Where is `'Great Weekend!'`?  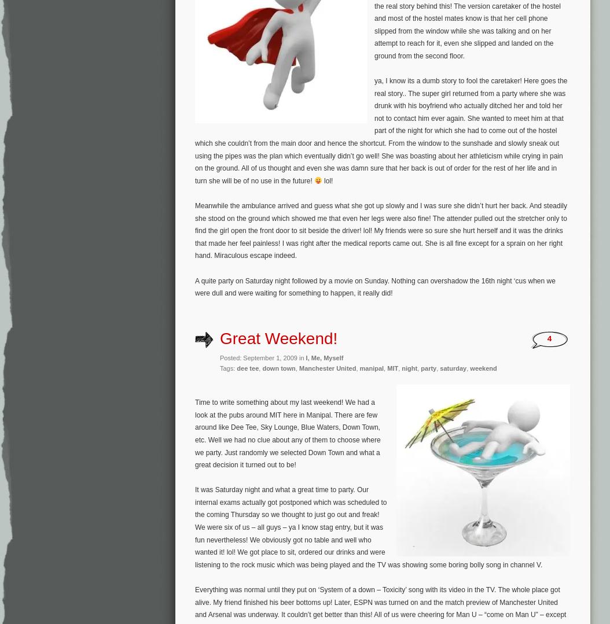 'Great Weekend!' is located at coordinates (219, 338).